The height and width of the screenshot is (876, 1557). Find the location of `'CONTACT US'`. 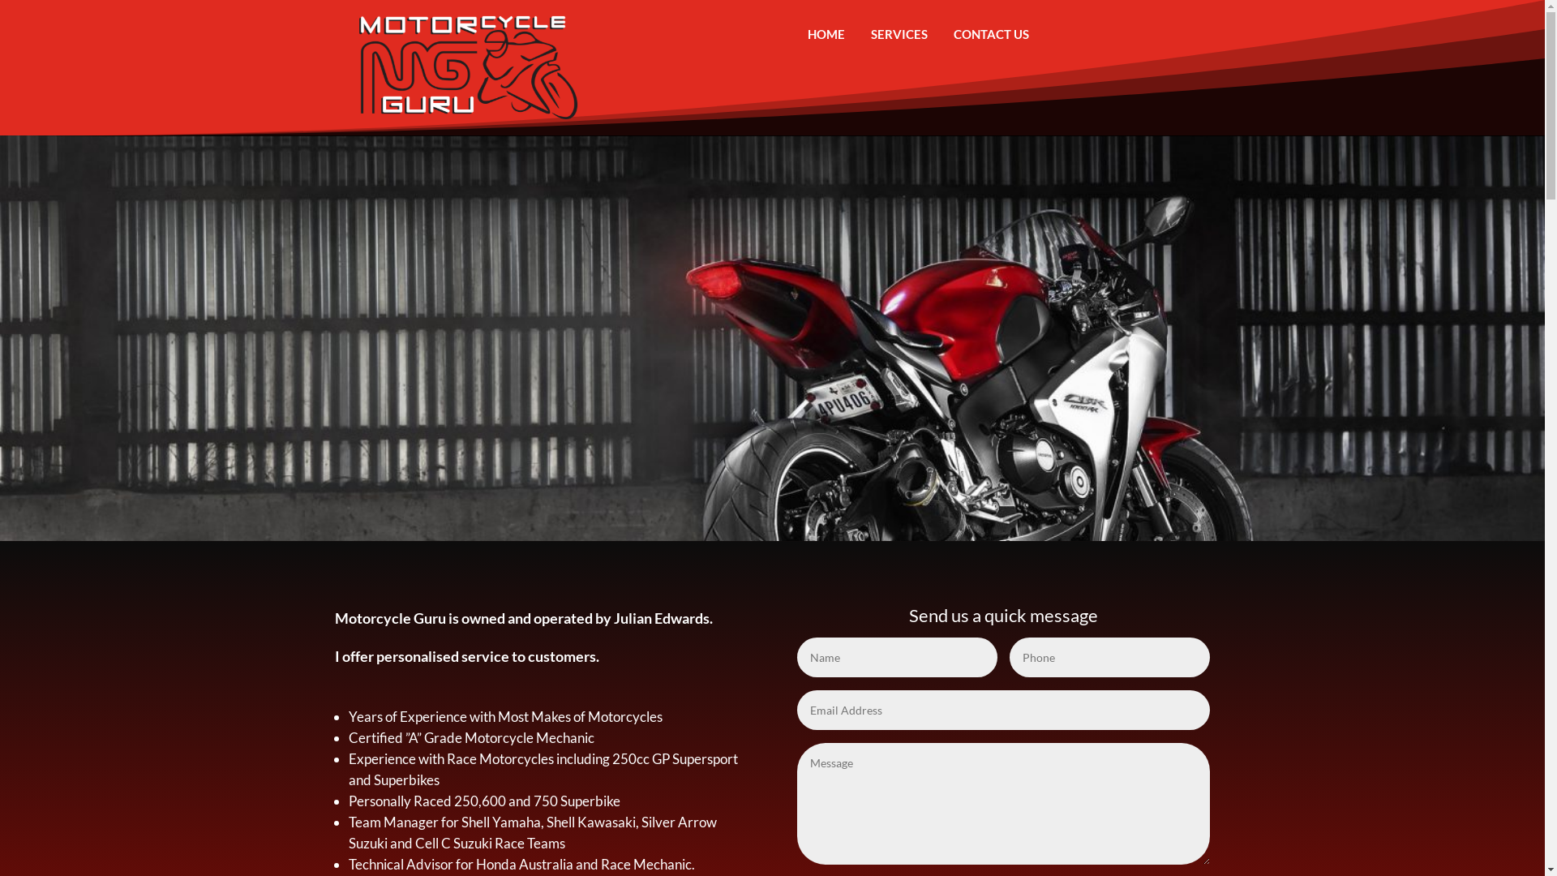

'CONTACT US' is located at coordinates (941, 34).